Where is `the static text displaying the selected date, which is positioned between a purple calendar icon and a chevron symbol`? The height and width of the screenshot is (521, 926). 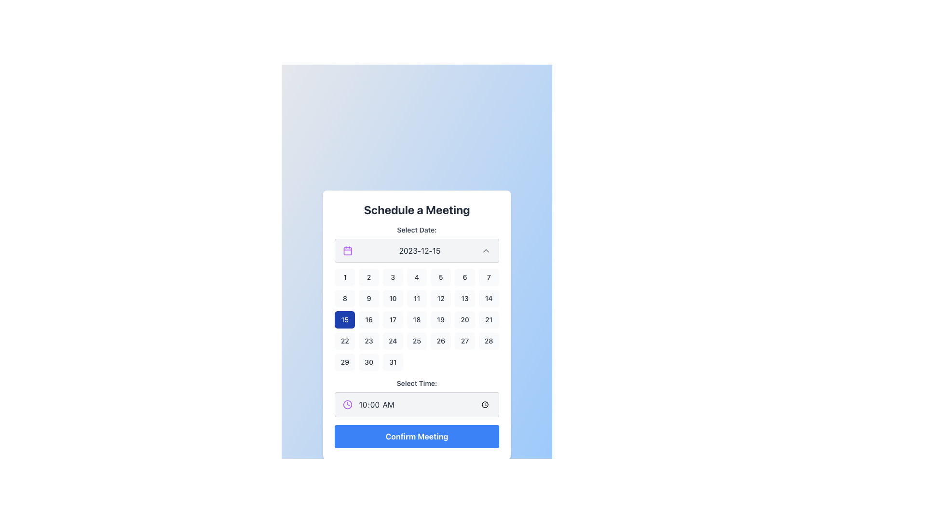 the static text displaying the selected date, which is positioned between a purple calendar icon and a chevron symbol is located at coordinates (420, 250).